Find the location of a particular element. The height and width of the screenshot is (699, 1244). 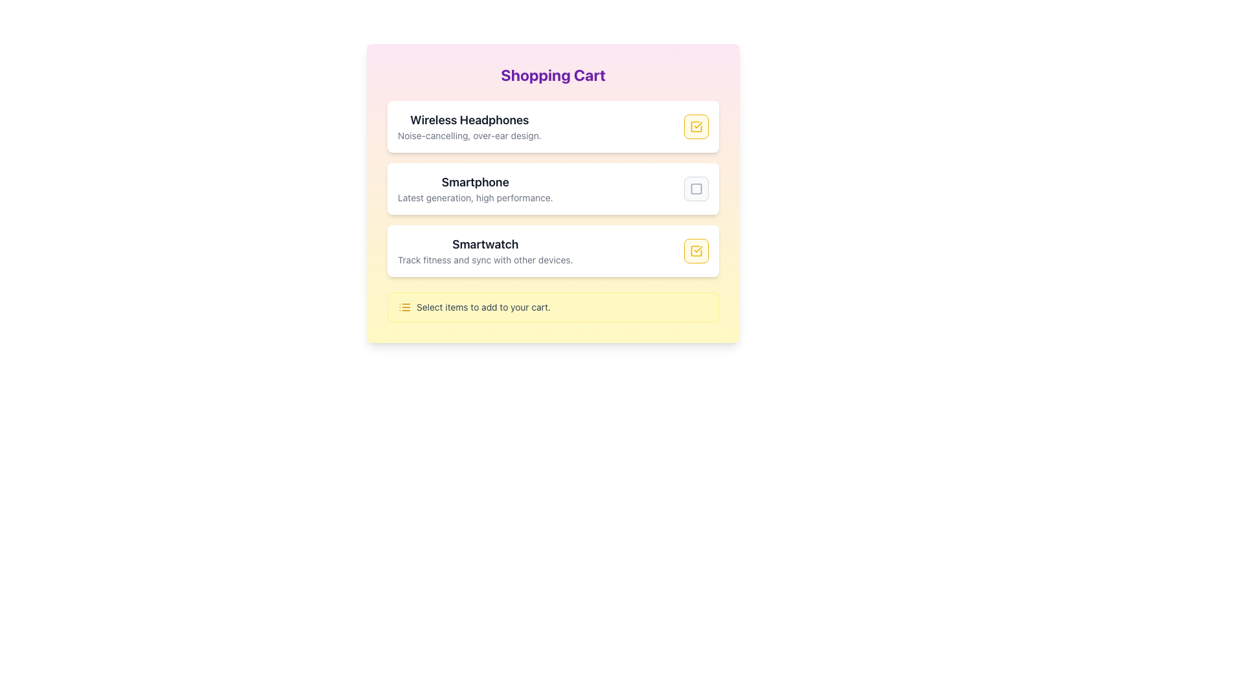

the delete icon on the rightmost side of the 'Smartphone' entry in the shopping cart is located at coordinates (696, 189).